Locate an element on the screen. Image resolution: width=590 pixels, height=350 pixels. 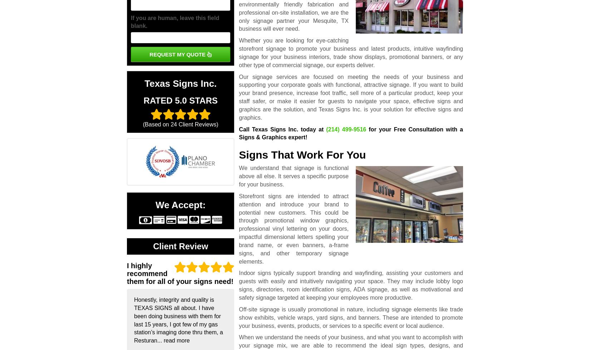
'Texas Signs Inc.' is located at coordinates (144, 84).